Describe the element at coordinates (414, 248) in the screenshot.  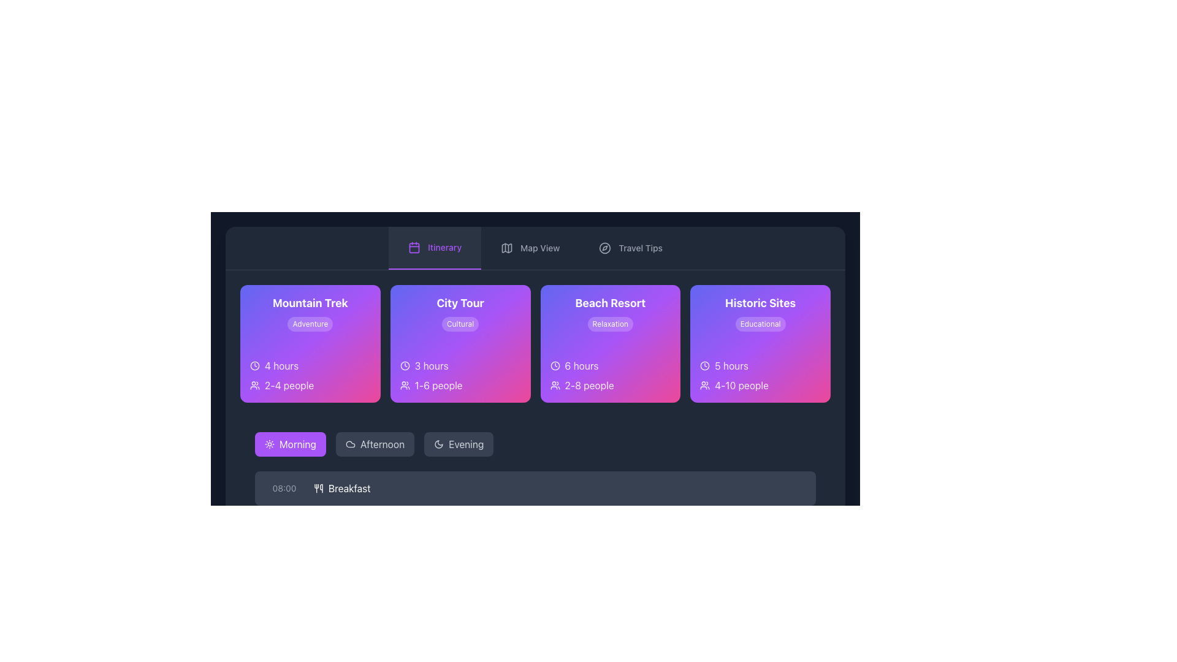
I see `the calendar icon with a purple border located to the left of the 'Itinerary' label` at that location.